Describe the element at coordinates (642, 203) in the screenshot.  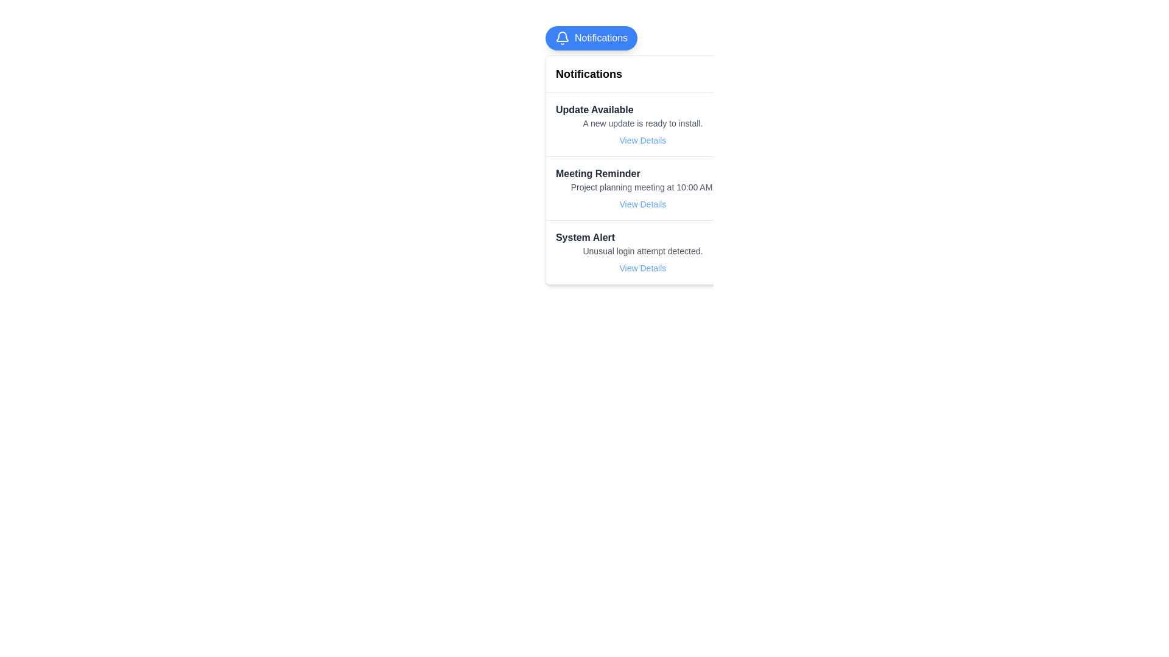
I see `the hyperlink for the 'Meeting Reminder' notification` at that location.